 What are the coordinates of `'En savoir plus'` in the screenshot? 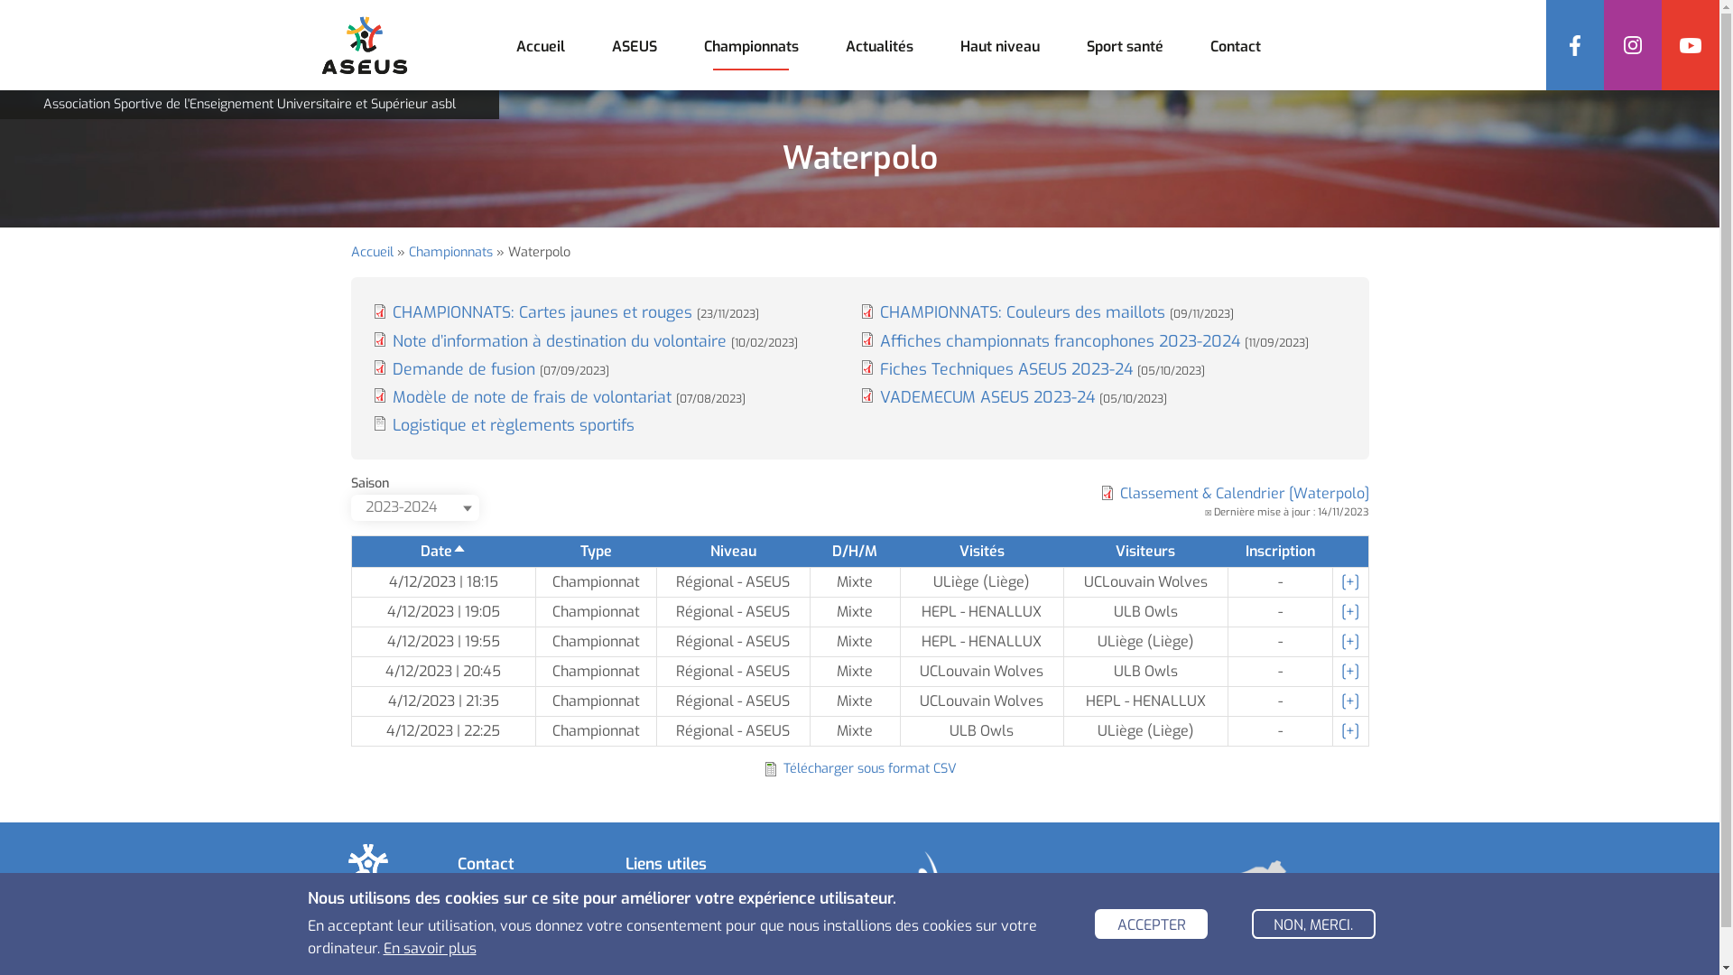 It's located at (428, 947).